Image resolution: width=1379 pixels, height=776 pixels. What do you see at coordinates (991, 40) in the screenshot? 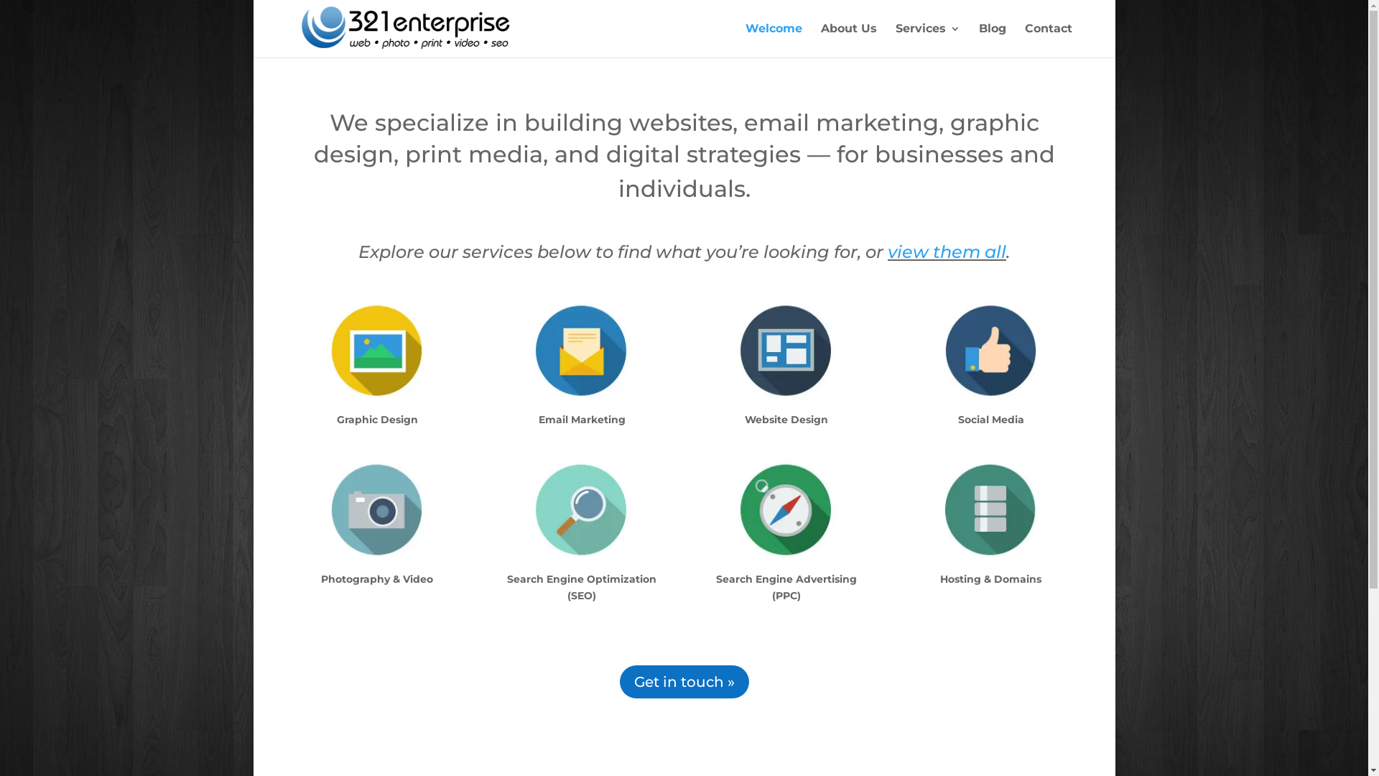
I see `'Blog'` at bounding box center [991, 40].